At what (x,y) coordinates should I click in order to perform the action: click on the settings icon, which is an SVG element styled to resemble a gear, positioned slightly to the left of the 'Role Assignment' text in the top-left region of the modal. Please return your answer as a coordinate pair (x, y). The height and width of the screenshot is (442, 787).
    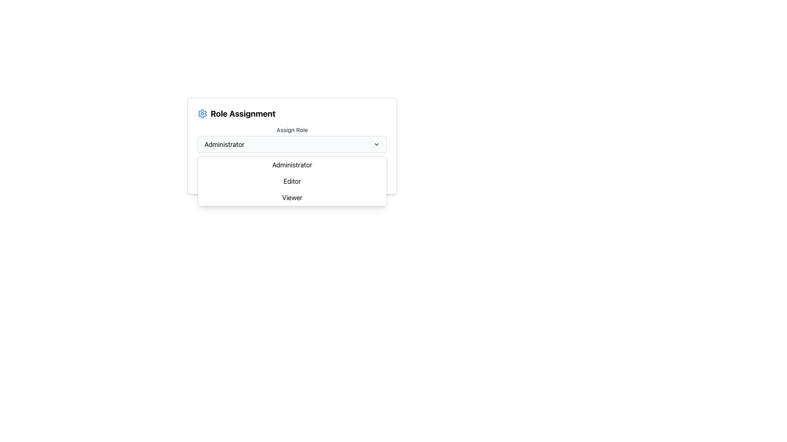
    Looking at the image, I should click on (202, 113).